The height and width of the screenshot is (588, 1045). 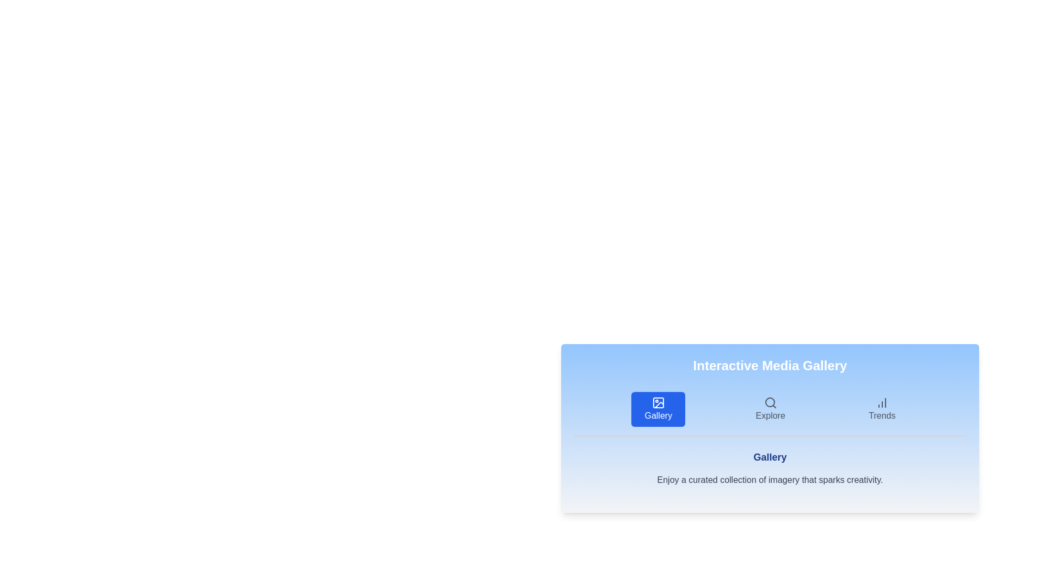 I want to click on the tab labeled Trends to observe visual changes, so click(x=882, y=409).